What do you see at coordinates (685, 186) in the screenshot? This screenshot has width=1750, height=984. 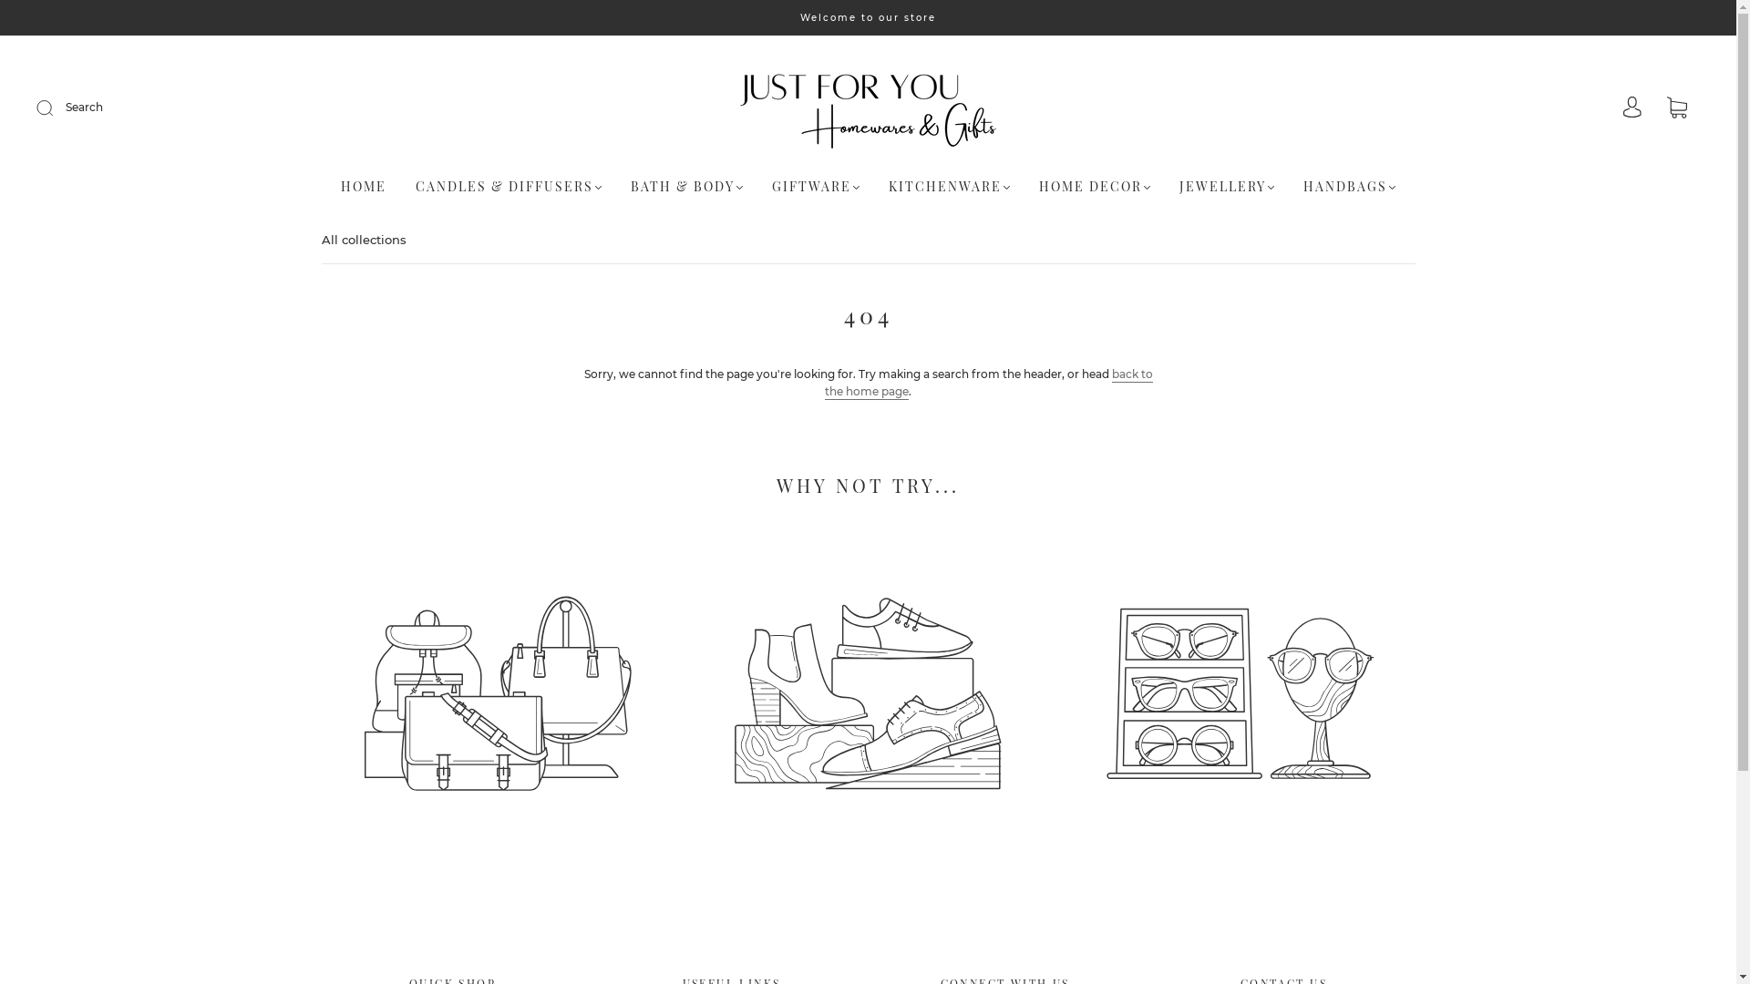 I see `'BATH & BODY'` at bounding box center [685, 186].